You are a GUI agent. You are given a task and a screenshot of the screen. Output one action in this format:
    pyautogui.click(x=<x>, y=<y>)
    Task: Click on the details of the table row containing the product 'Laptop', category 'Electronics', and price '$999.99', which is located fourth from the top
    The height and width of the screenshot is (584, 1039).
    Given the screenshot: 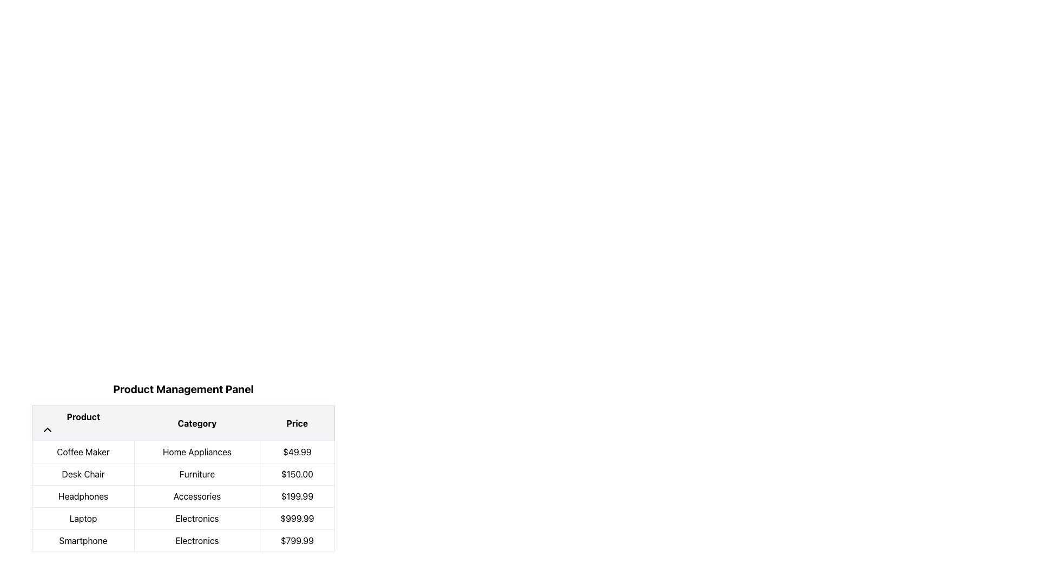 What is the action you would take?
    pyautogui.click(x=183, y=518)
    